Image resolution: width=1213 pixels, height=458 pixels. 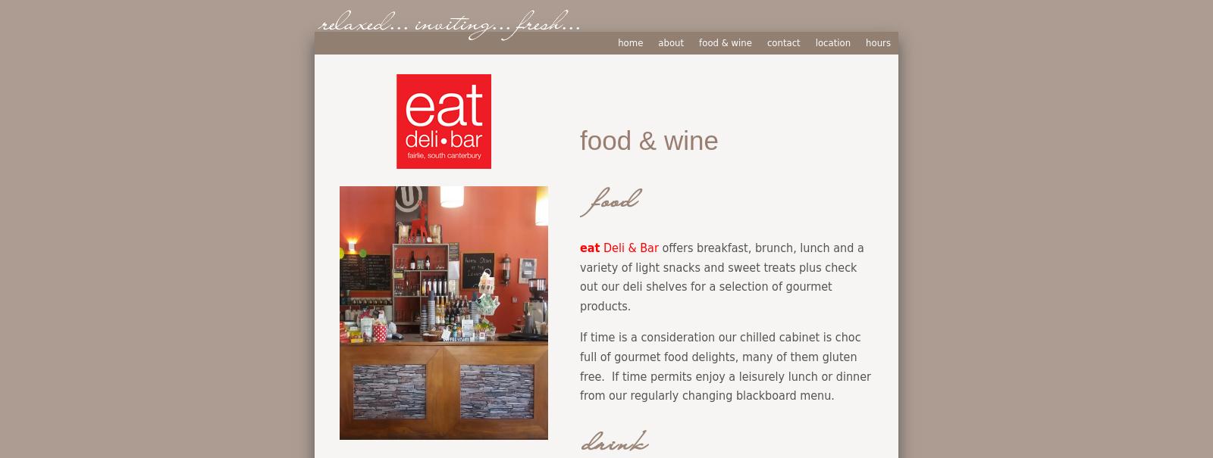 What do you see at coordinates (832, 42) in the screenshot?
I see `'Location'` at bounding box center [832, 42].